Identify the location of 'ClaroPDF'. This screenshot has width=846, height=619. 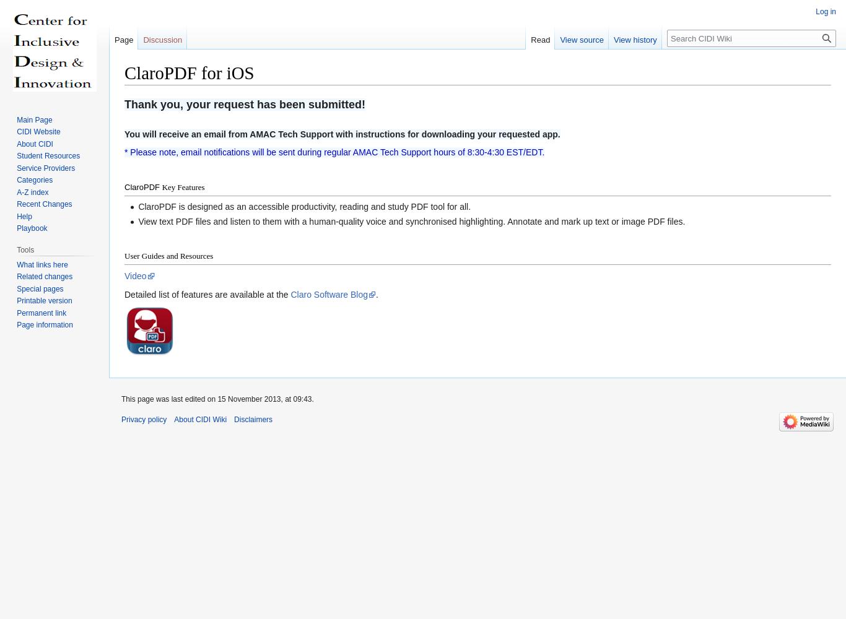
(142, 187).